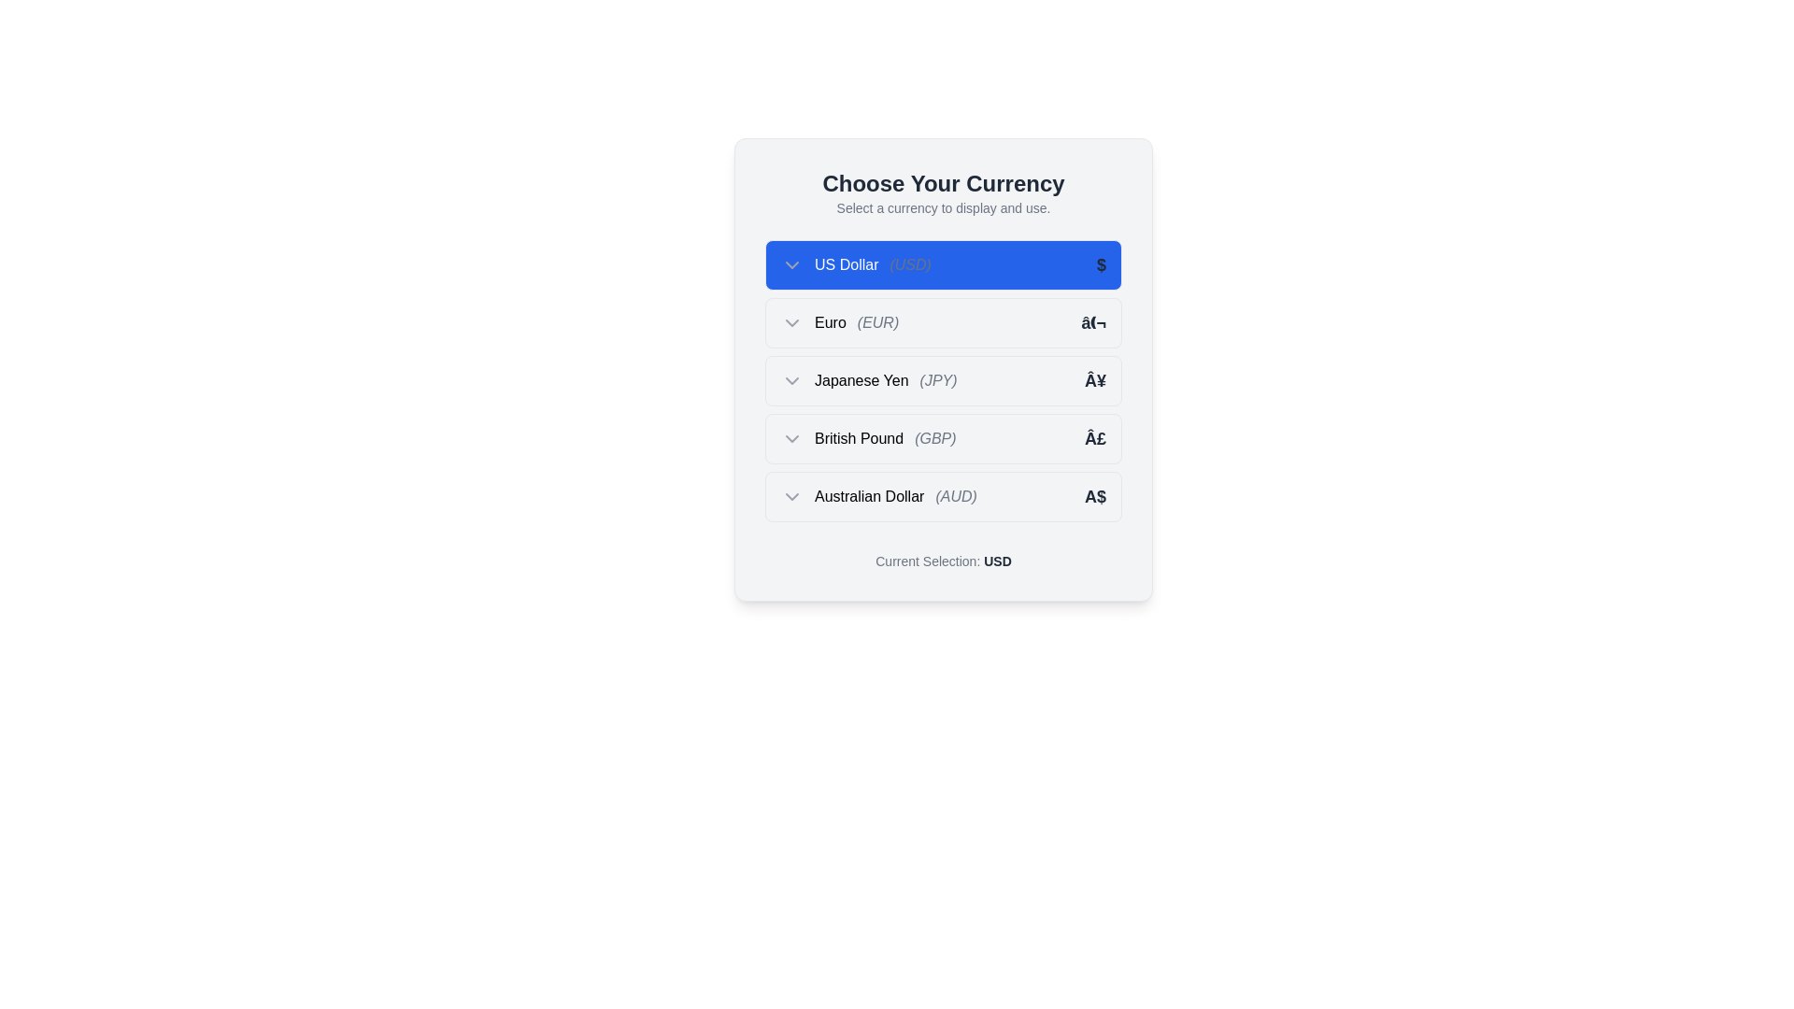  I want to click on the currency selector component located below the heading 'Choose Your Currency' and above the text 'Current Selection: USD', so click(943, 384).